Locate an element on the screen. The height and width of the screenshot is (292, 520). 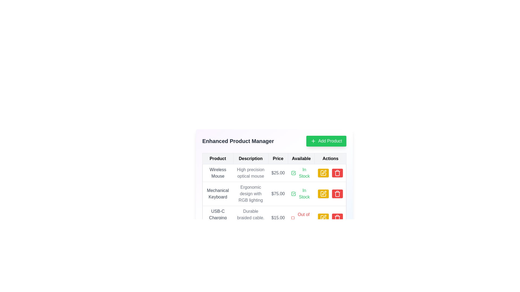
the checkmark icon that indicates the availability status of the Wireless Mouse, which is located in the 'Available' column of the table is located at coordinates (293, 173).